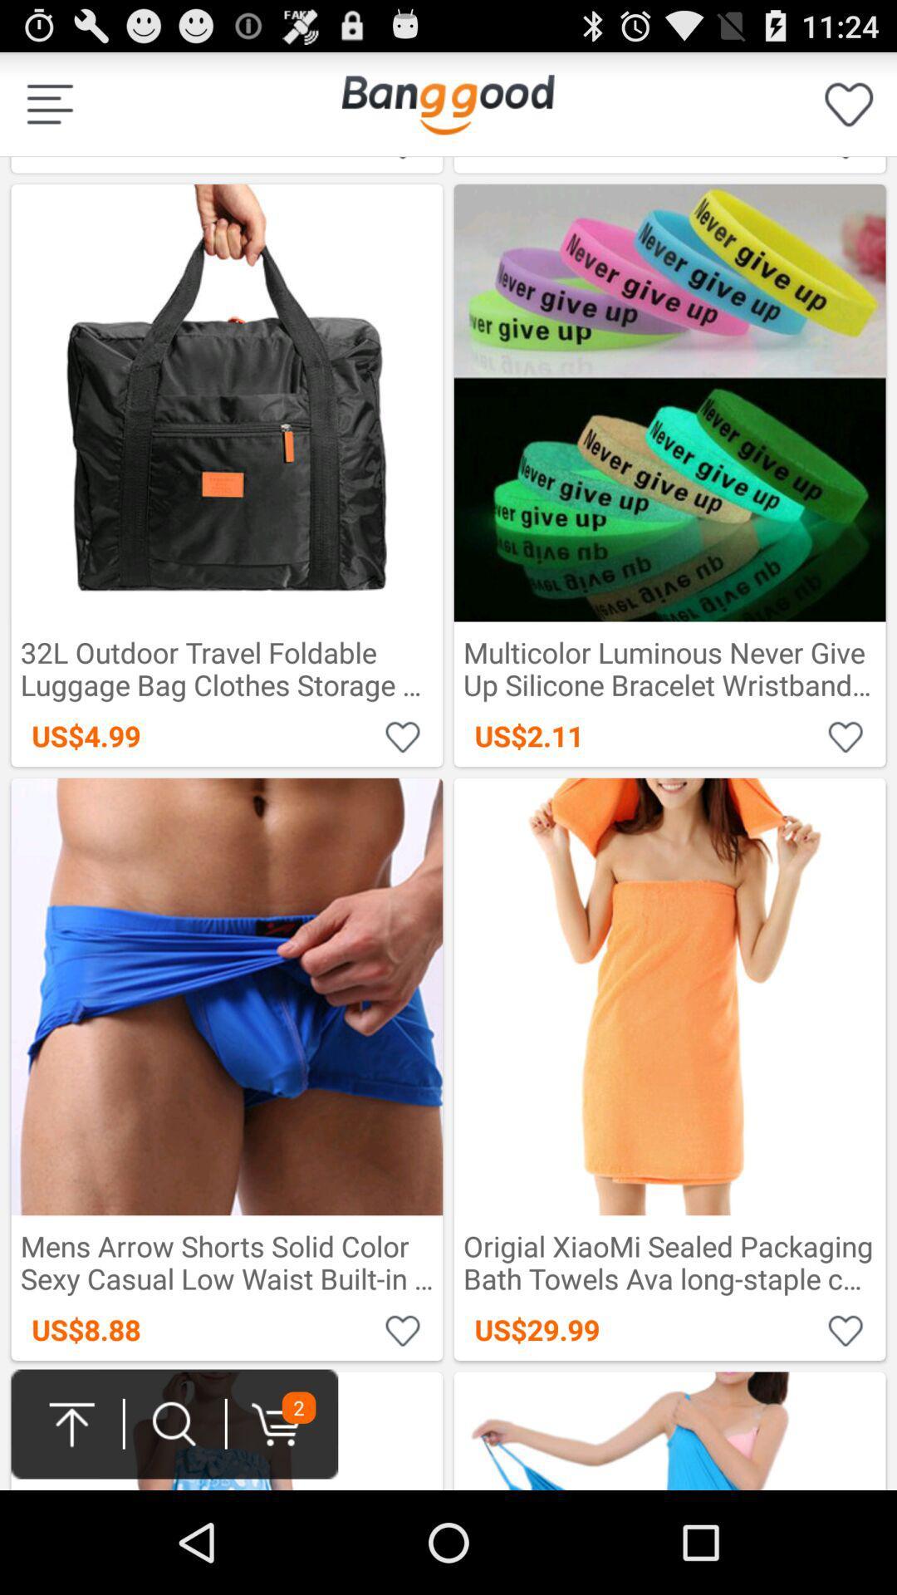  What do you see at coordinates (447, 103) in the screenshot?
I see `go home` at bounding box center [447, 103].